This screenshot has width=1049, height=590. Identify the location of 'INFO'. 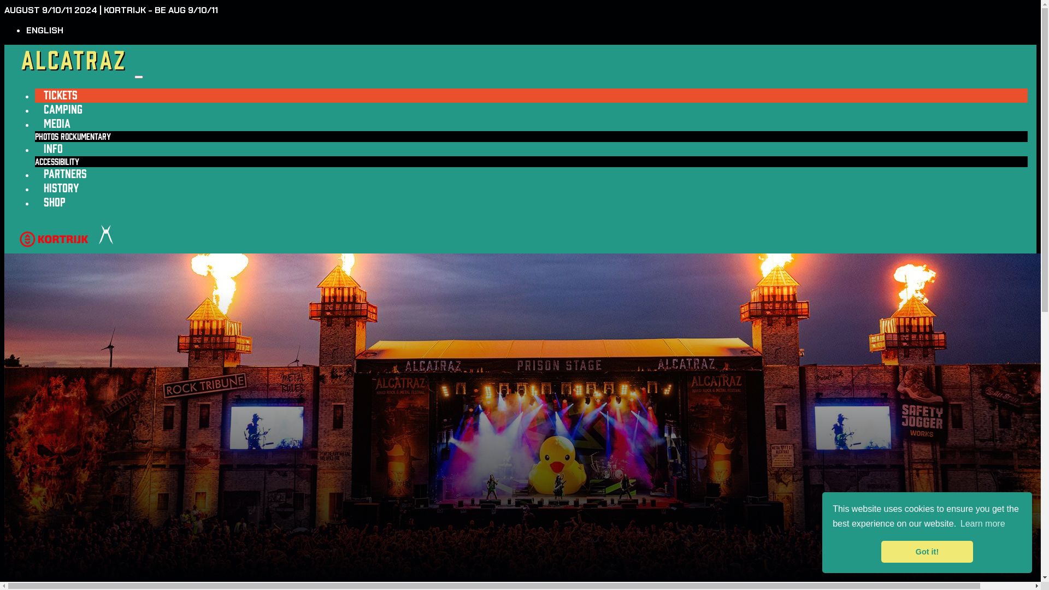
(52, 149).